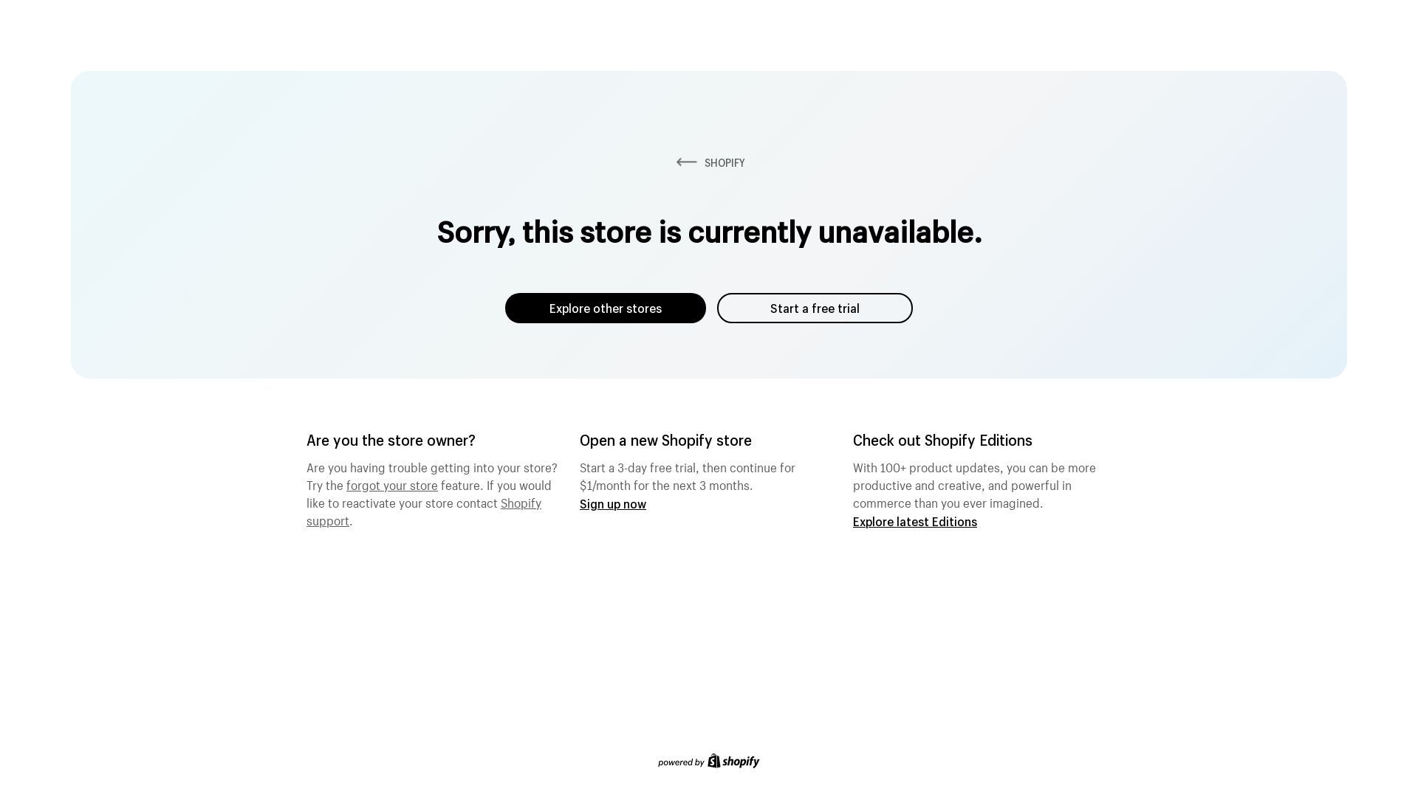 Image resolution: width=1418 pixels, height=797 pixels. What do you see at coordinates (814, 307) in the screenshot?
I see `'Start a free trial'` at bounding box center [814, 307].